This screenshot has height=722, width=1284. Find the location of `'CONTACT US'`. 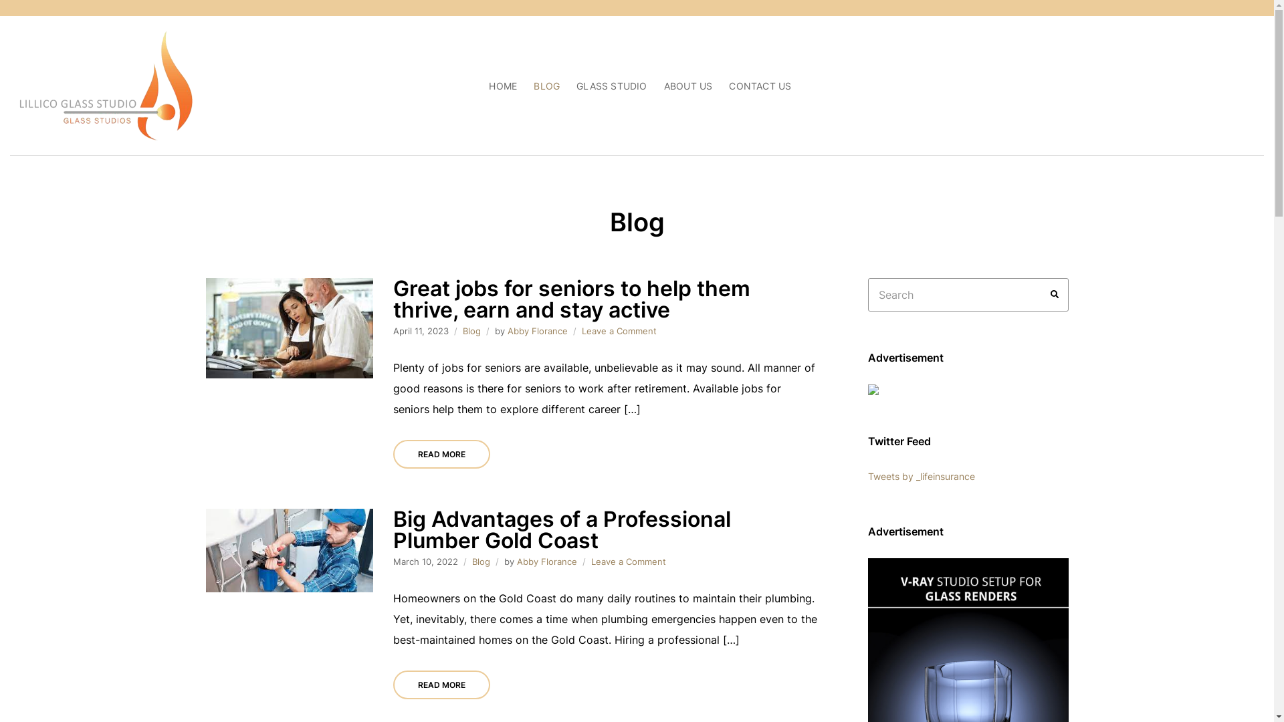

'CONTACT US' is located at coordinates (760, 86).